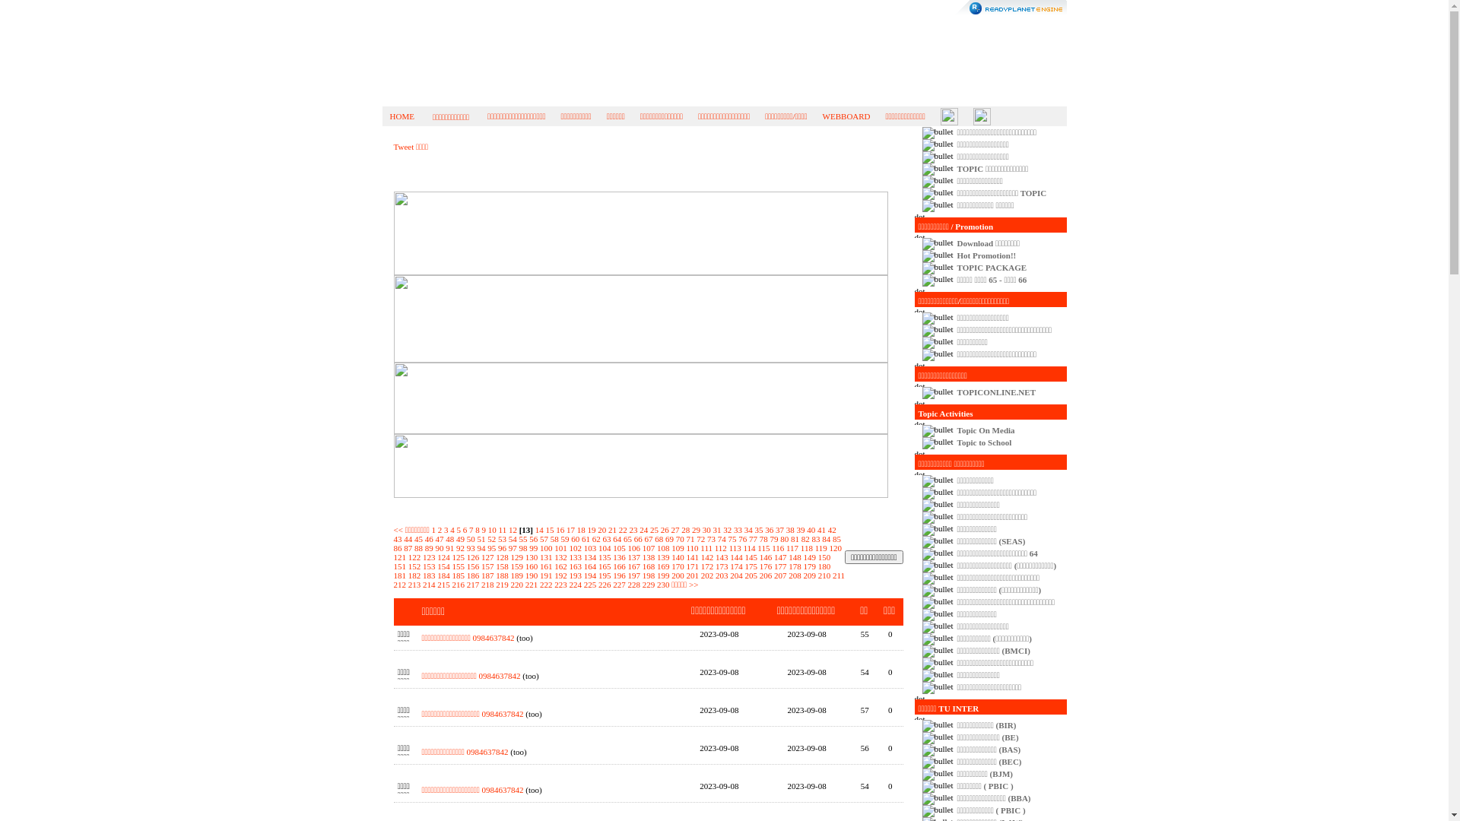 This screenshot has width=1460, height=821. What do you see at coordinates (753, 538) in the screenshot?
I see `'77'` at bounding box center [753, 538].